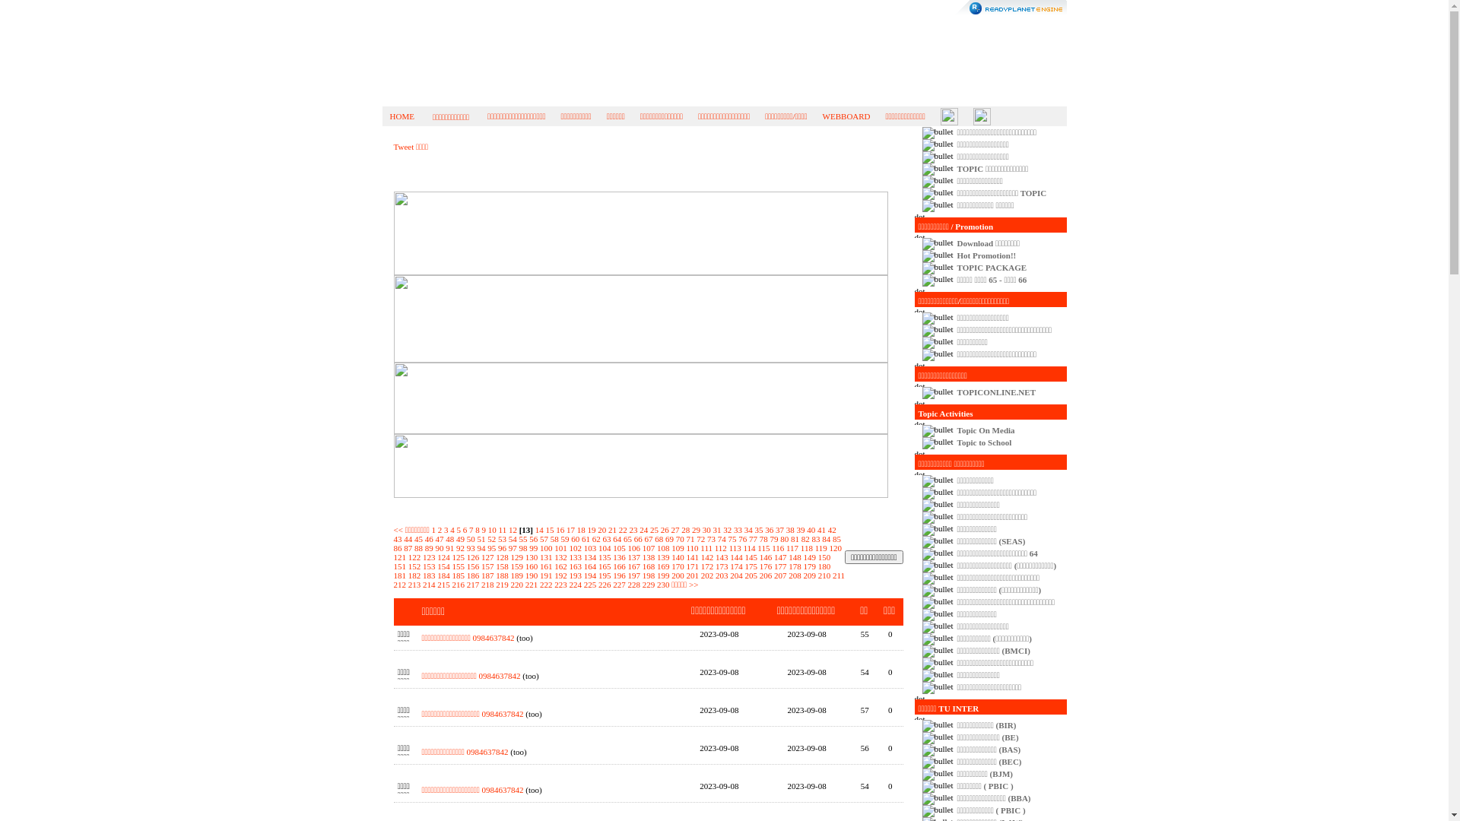 This screenshot has width=1460, height=821. What do you see at coordinates (753, 538) in the screenshot?
I see `'77'` at bounding box center [753, 538].